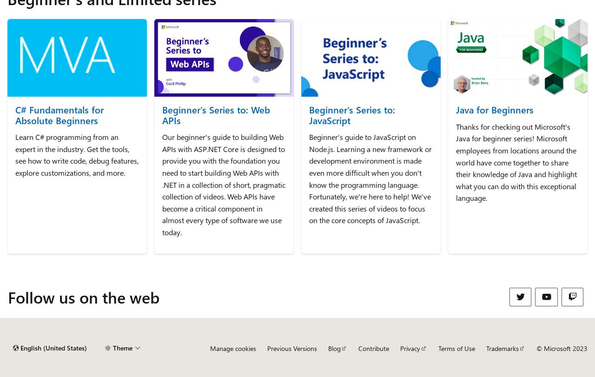 This screenshot has width=595, height=377. What do you see at coordinates (309, 179) in the screenshot?
I see `'Beginner's guide to JavaScript on Node.js. Learning a new framework or development environment is made even more difficult when you don't know the programming language. Fortunately, we're here to help! We've created this series of videos to focus on the core concepts of JavaScript.'` at bounding box center [309, 179].